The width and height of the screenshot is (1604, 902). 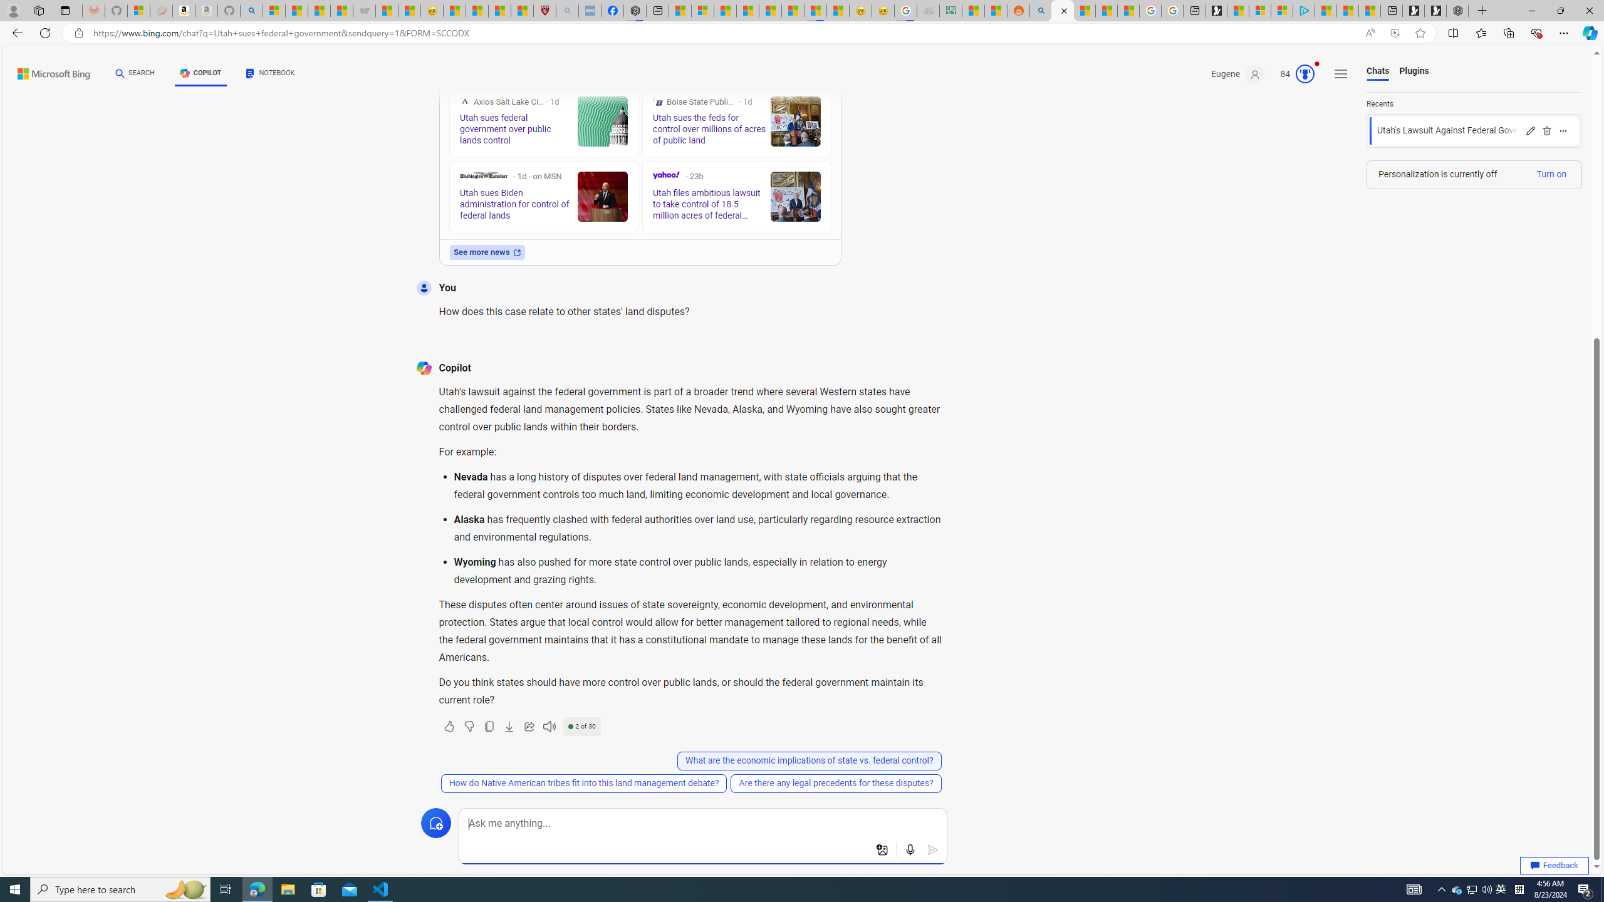 I want to click on 'NOTEBOOK', so click(x=270, y=75).